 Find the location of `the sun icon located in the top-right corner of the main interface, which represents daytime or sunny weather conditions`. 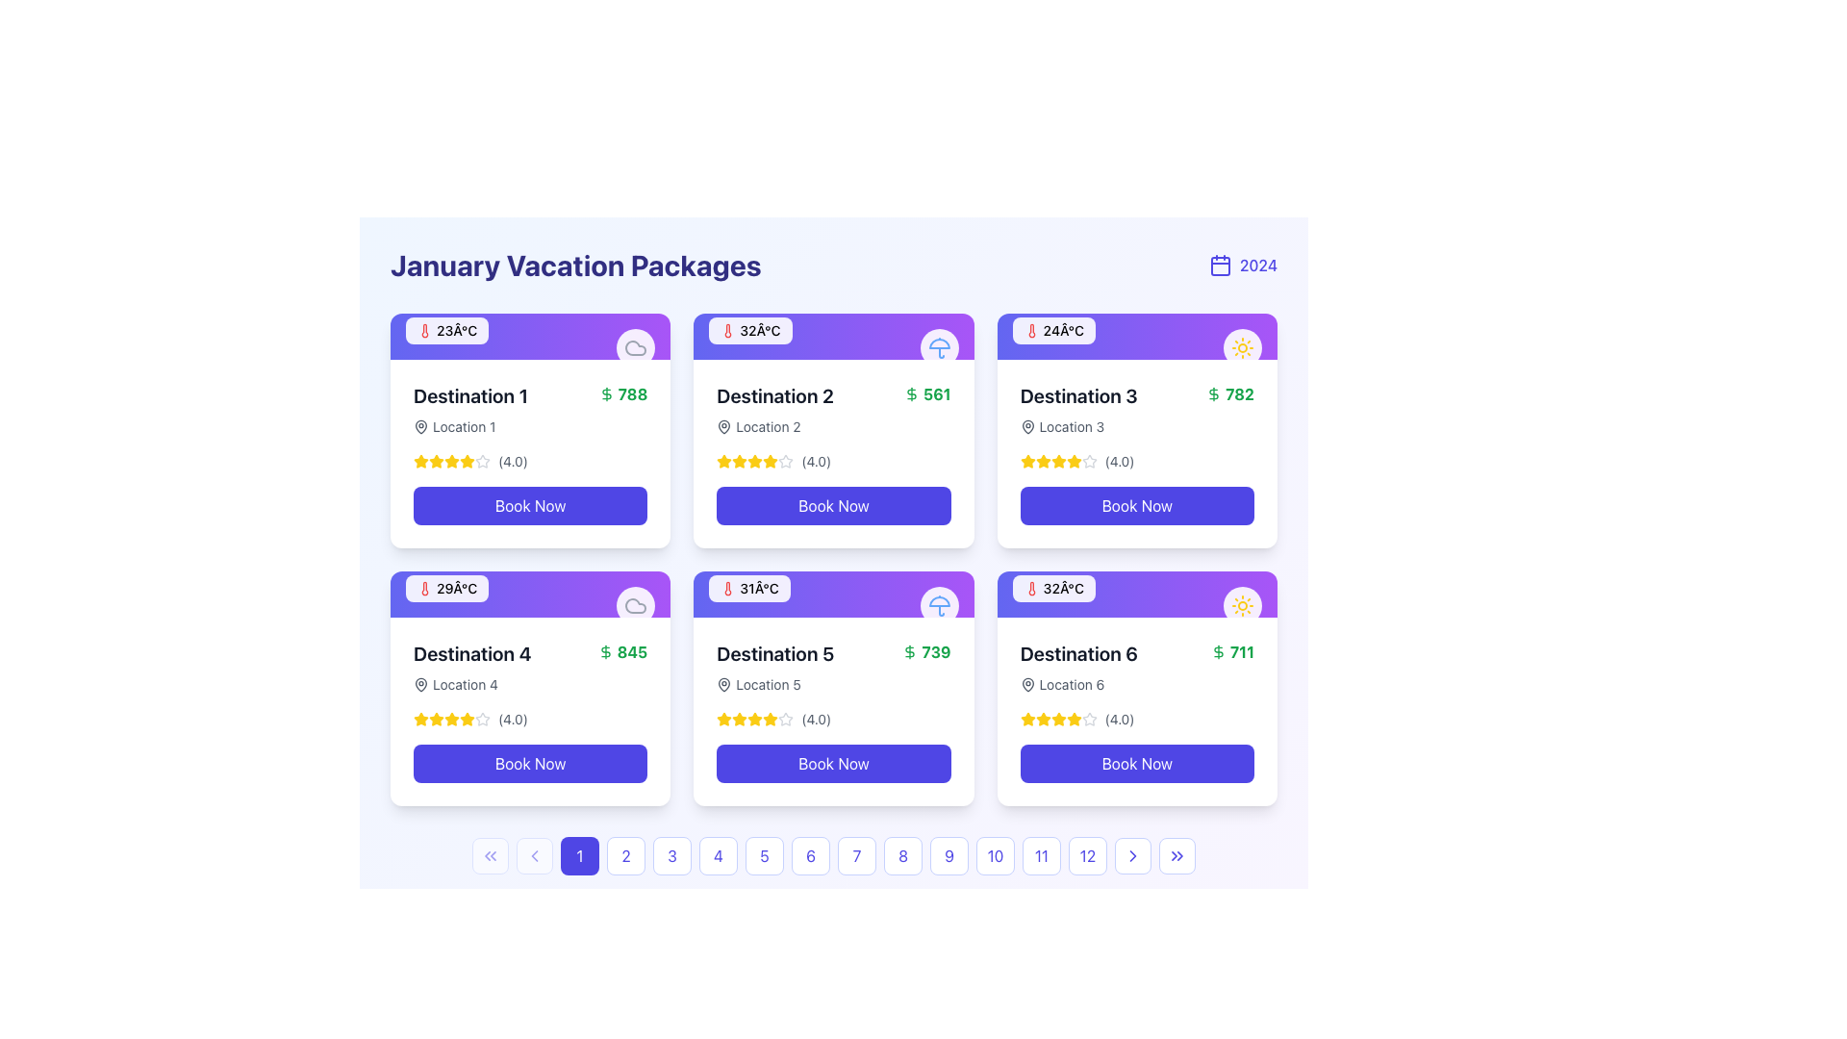

the sun icon located in the top-right corner of the main interface, which represents daytime or sunny weather conditions is located at coordinates (1242, 348).